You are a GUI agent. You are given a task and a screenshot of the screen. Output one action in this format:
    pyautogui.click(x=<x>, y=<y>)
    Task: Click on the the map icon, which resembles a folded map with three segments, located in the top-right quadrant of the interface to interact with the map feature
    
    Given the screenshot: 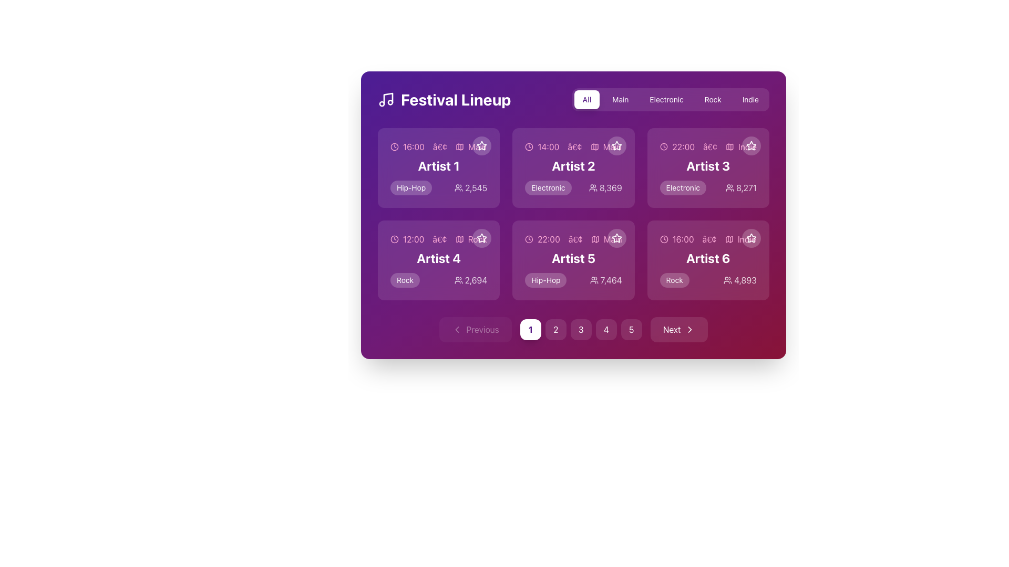 What is the action you would take?
    pyautogui.click(x=729, y=147)
    